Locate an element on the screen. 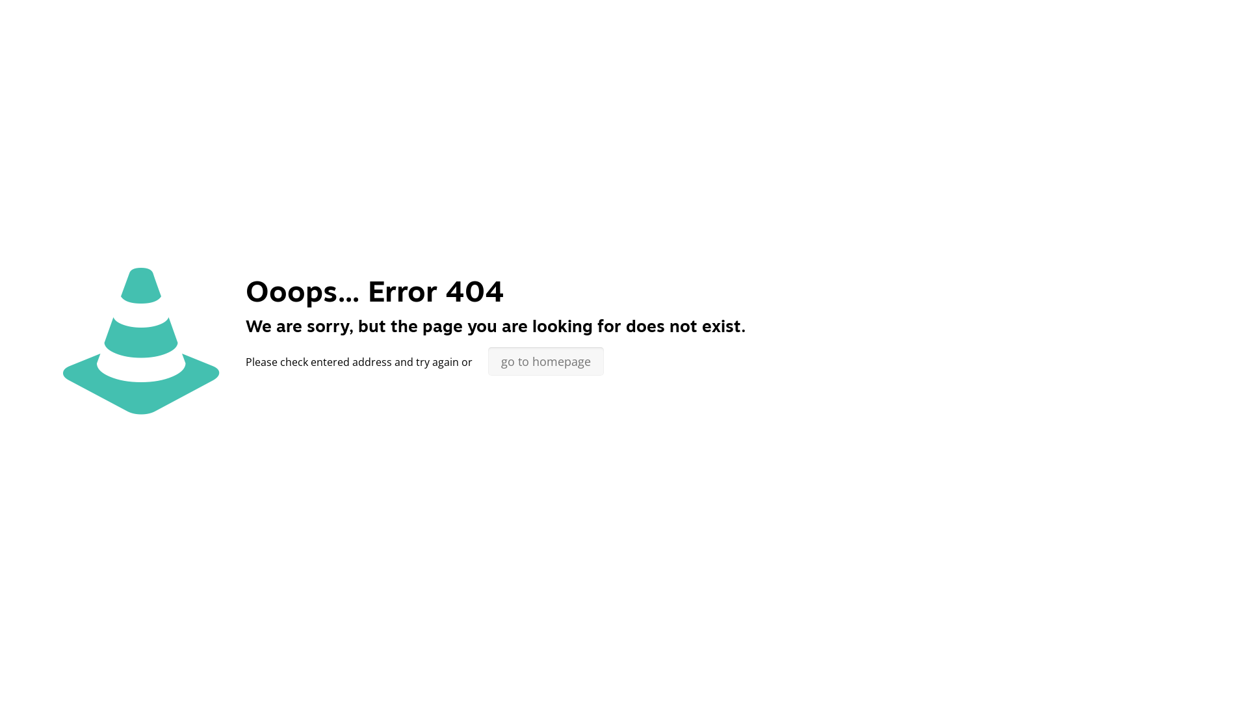 The image size is (1248, 702). 'go to homepage' is located at coordinates (546, 361).